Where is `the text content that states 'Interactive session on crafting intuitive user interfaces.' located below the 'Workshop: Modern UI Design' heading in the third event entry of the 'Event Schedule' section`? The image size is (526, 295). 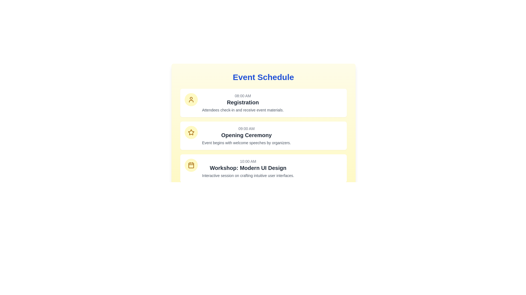
the text content that states 'Interactive session on crafting intuitive user interfaces.' located below the 'Workshop: Modern UI Design' heading in the third event entry of the 'Event Schedule' section is located at coordinates (248, 176).